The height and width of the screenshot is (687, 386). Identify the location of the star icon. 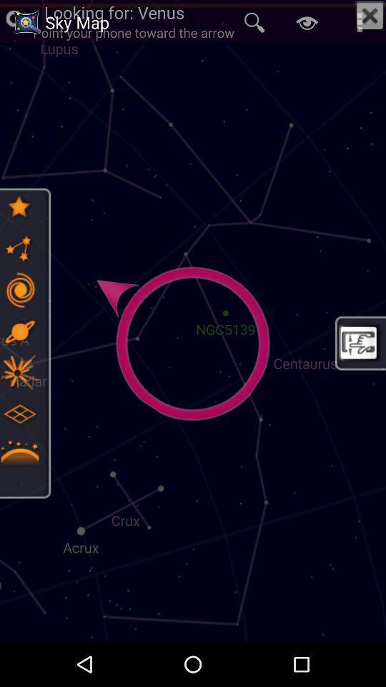
(19, 206).